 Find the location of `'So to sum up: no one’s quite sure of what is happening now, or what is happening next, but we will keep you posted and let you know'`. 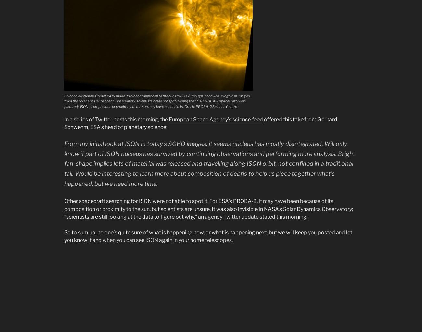

'So to sum up: no one’s quite sure of what is happening now, or what is happening next, but we will keep you posted and let you know' is located at coordinates (64, 236).